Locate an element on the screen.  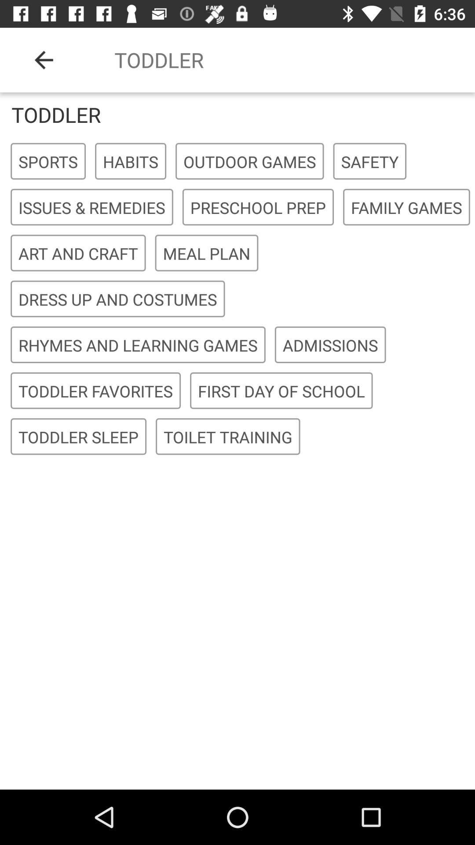
the preschool prep is located at coordinates (257, 207).